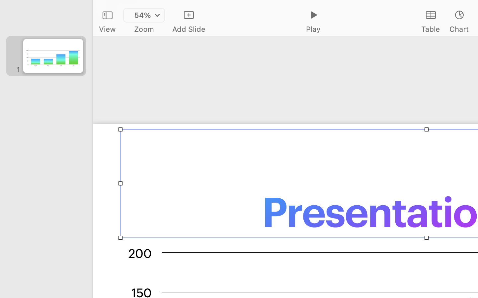 This screenshot has width=478, height=298. Describe the element at coordinates (107, 29) in the screenshot. I see `'View'` at that location.